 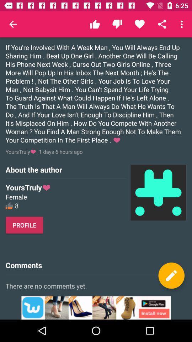 I want to click on the profile button, so click(x=25, y=224).